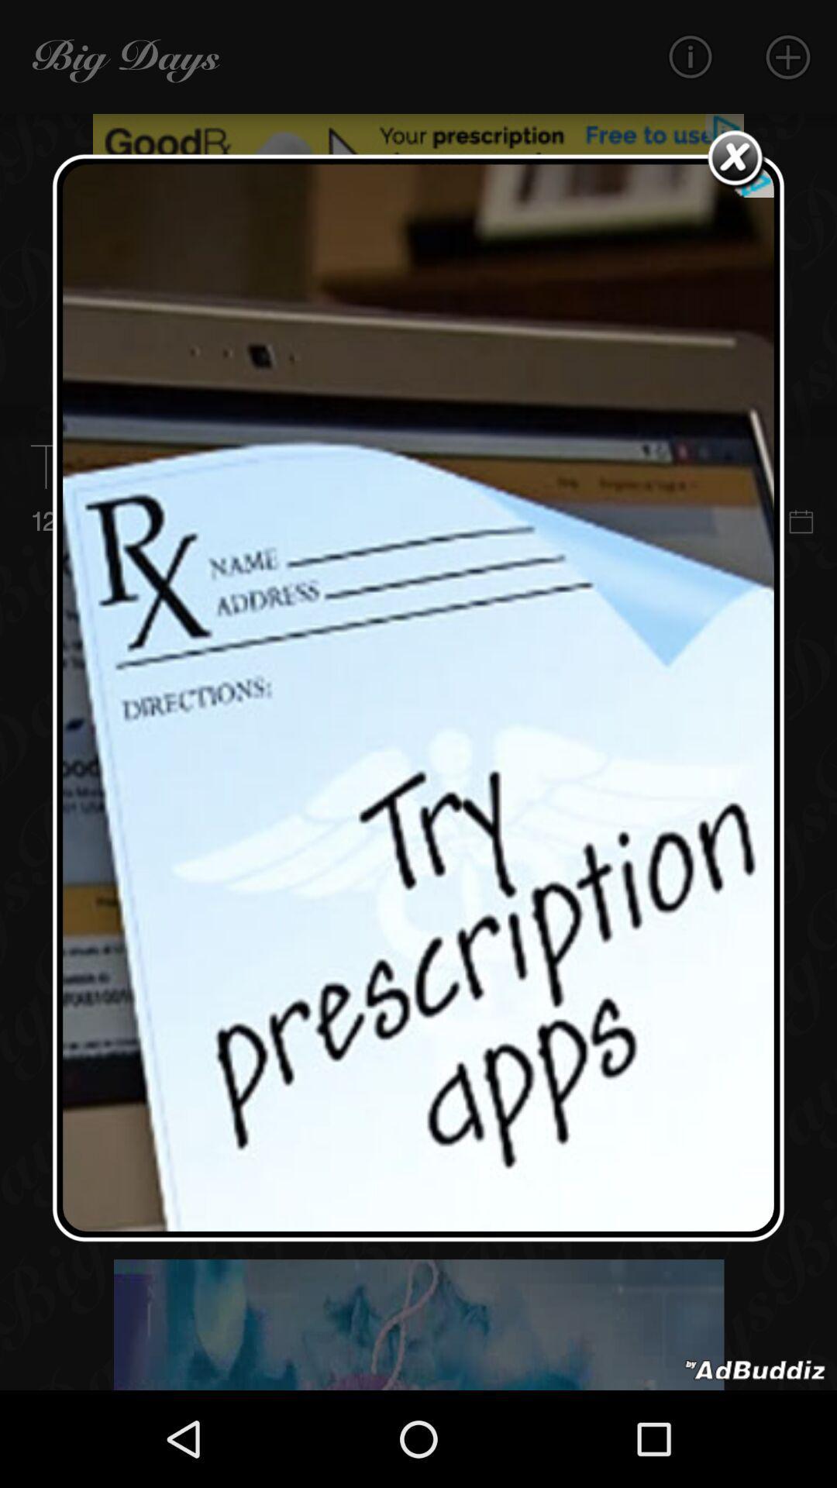  Describe the element at coordinates (755, 1370) in the screenshot. I see `advertisement` at that location.